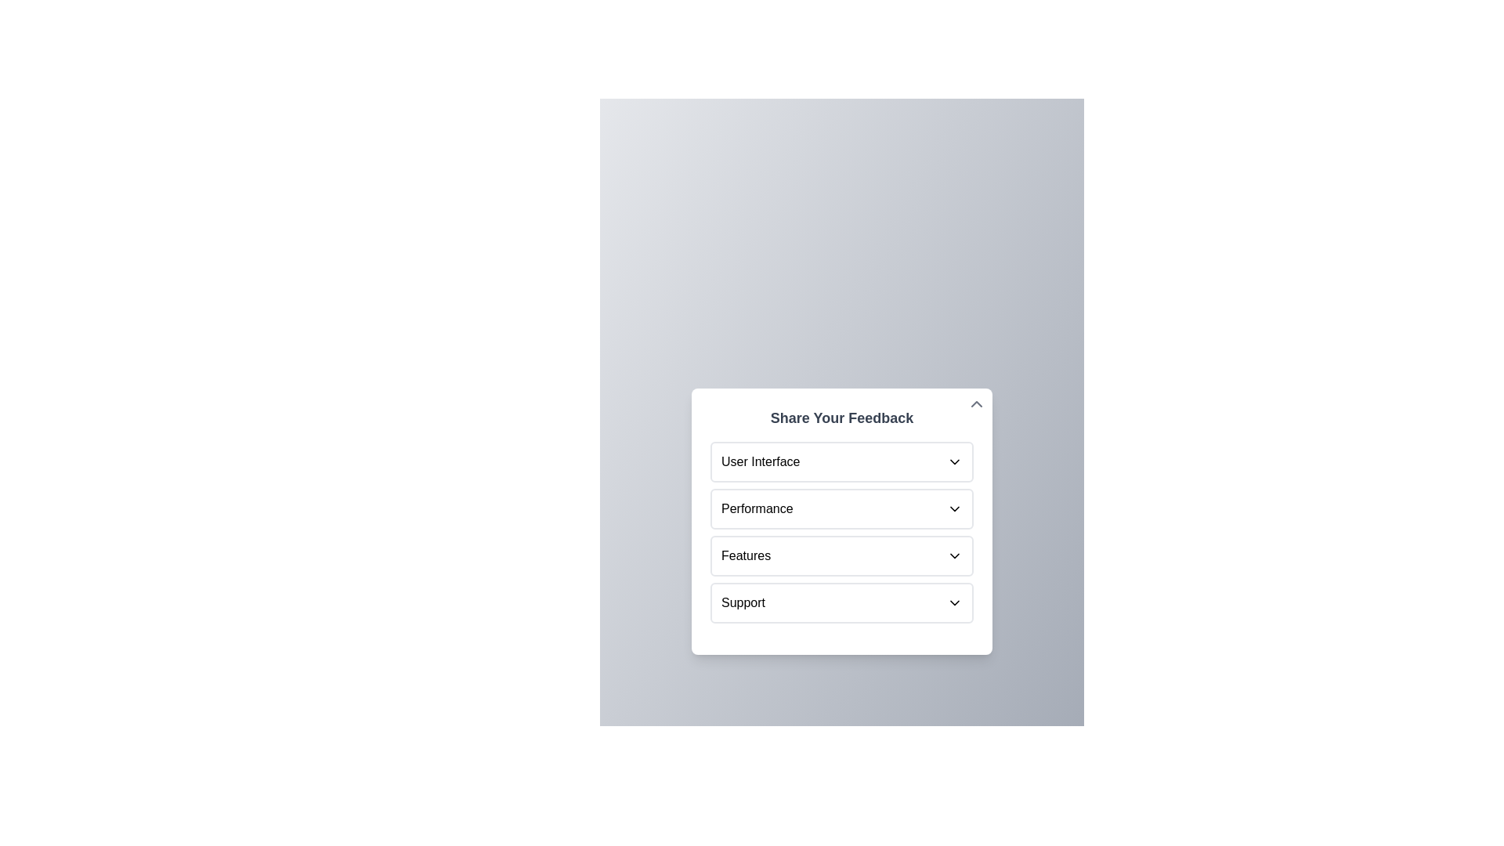 The image size is (1504, 846). Describe the element at coordinates (954, 602) in the screenshot. I see `the downward-pointing chevron icon located within the 'Support' option in the feedback section` at that location.